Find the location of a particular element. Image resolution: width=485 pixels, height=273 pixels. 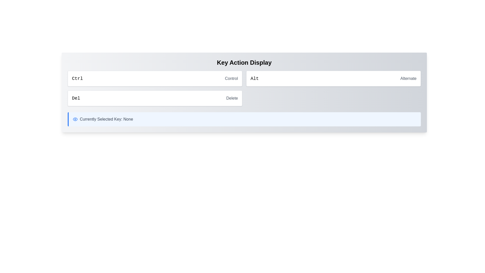

the visibility toggle icon located to the left of the text 'Currently Selected Key: None' on the light blue background bar is located at coordinates (75, 119).